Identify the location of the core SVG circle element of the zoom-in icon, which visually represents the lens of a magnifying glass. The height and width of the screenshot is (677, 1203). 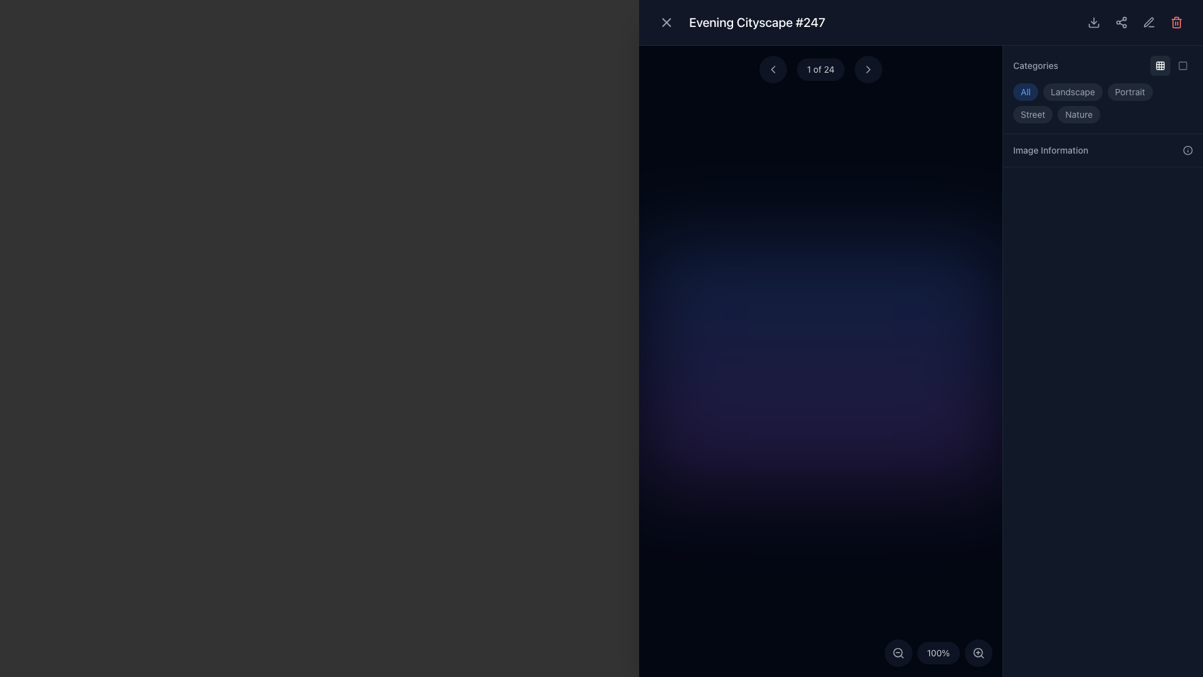
(977, 652).